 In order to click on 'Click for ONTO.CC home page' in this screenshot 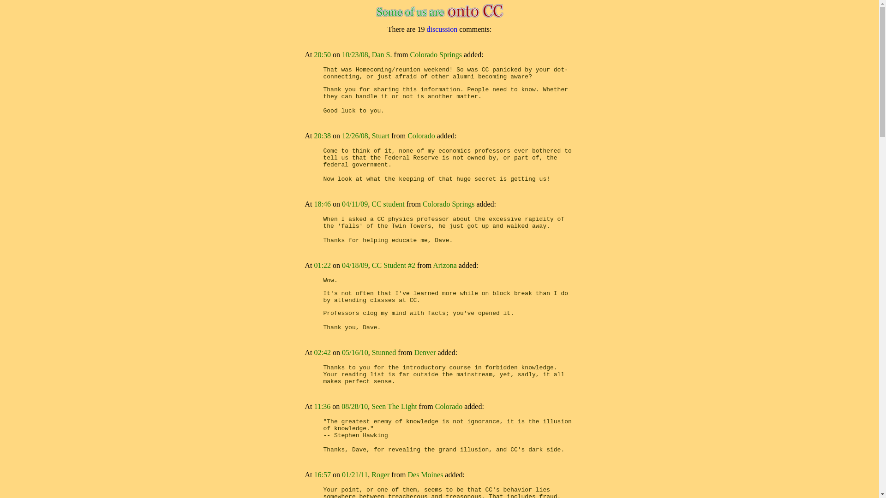, I will do `click(376, 15)`.